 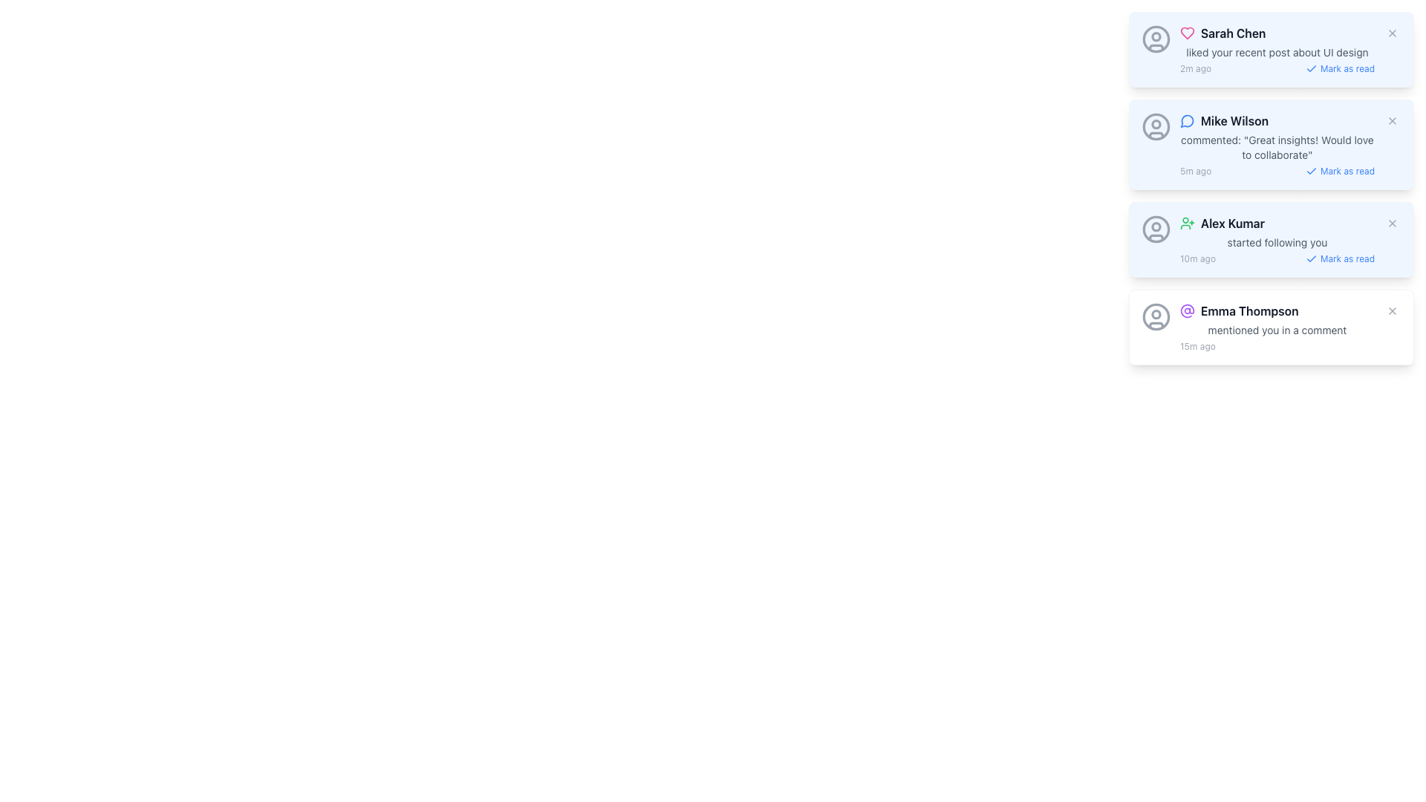 What do you see at coordinates (1155, 316) in the screenshot?
I see `the circular profile icon with a grey outline located at the leftmost side of the notification card labeled 'Emma Thompson mentioned you in a comment 15m ago'. This icon is the fourth in a vertically aligned list of notifications` at bounding box center [1155, 316].